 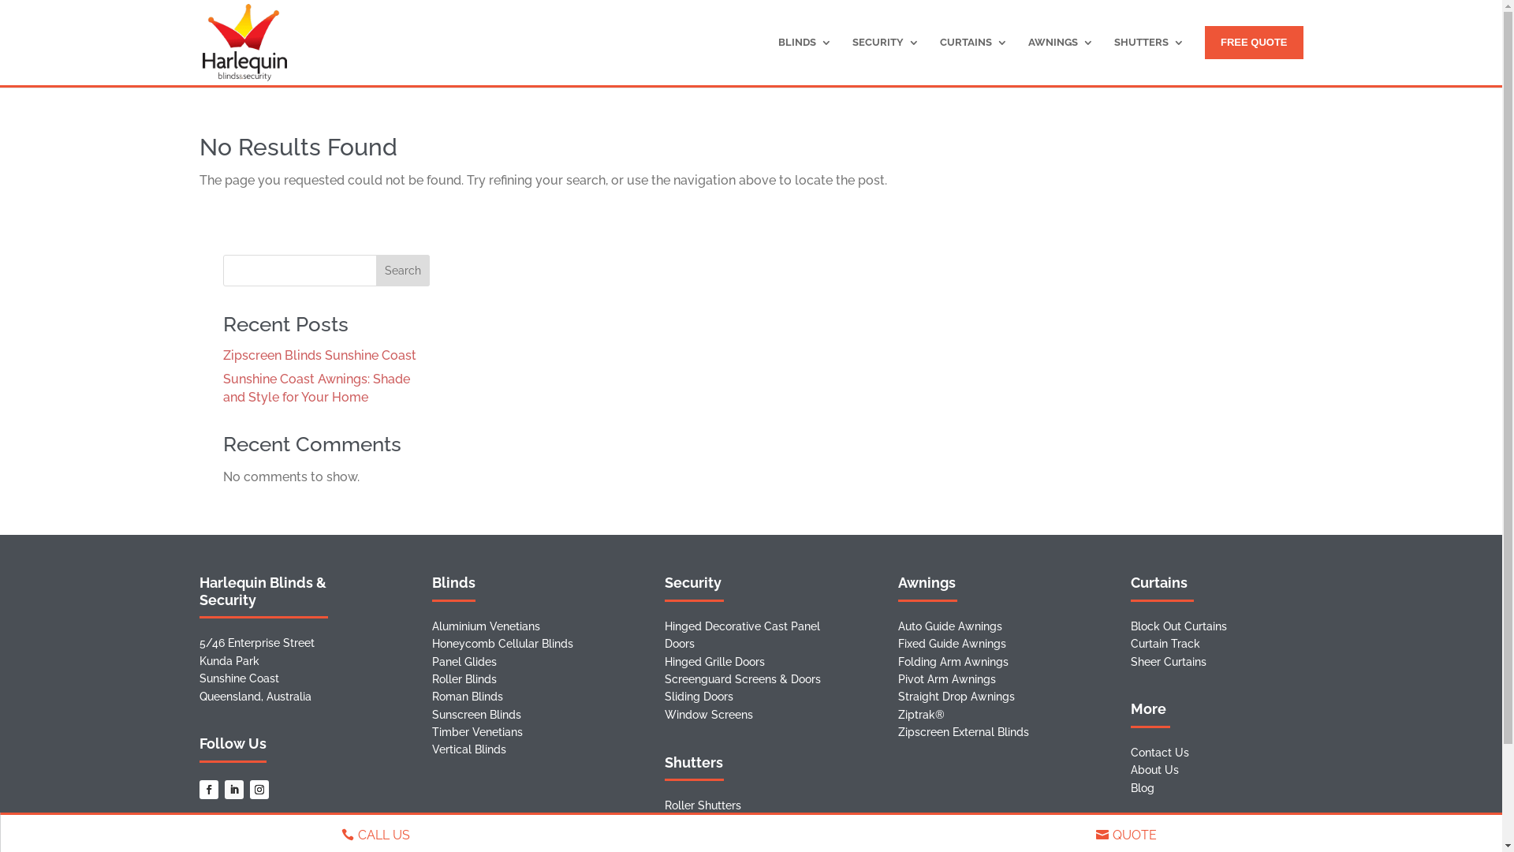 What do you see at coordinates (1169, 662) in the screenshot?
I see `'Sheer Curtains'` at bounding box center [1169, 662].